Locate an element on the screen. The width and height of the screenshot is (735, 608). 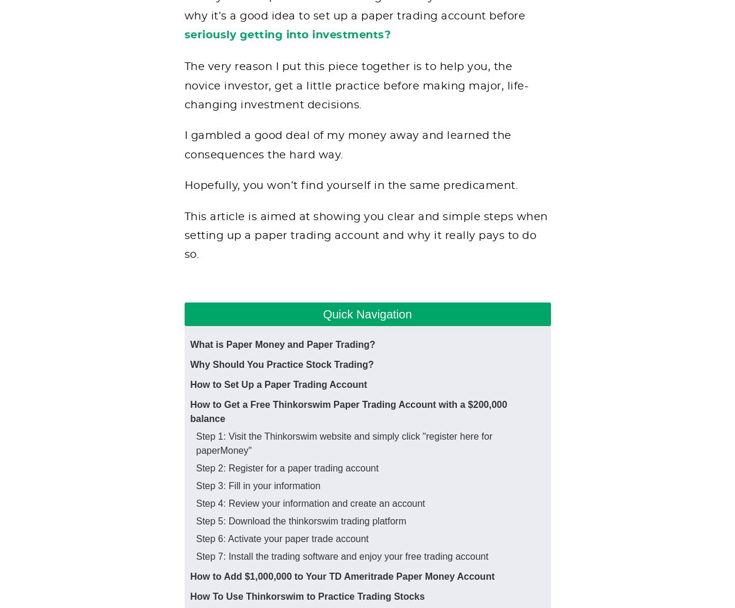
'Quick Navigation' is located at coordinates (366, 313).